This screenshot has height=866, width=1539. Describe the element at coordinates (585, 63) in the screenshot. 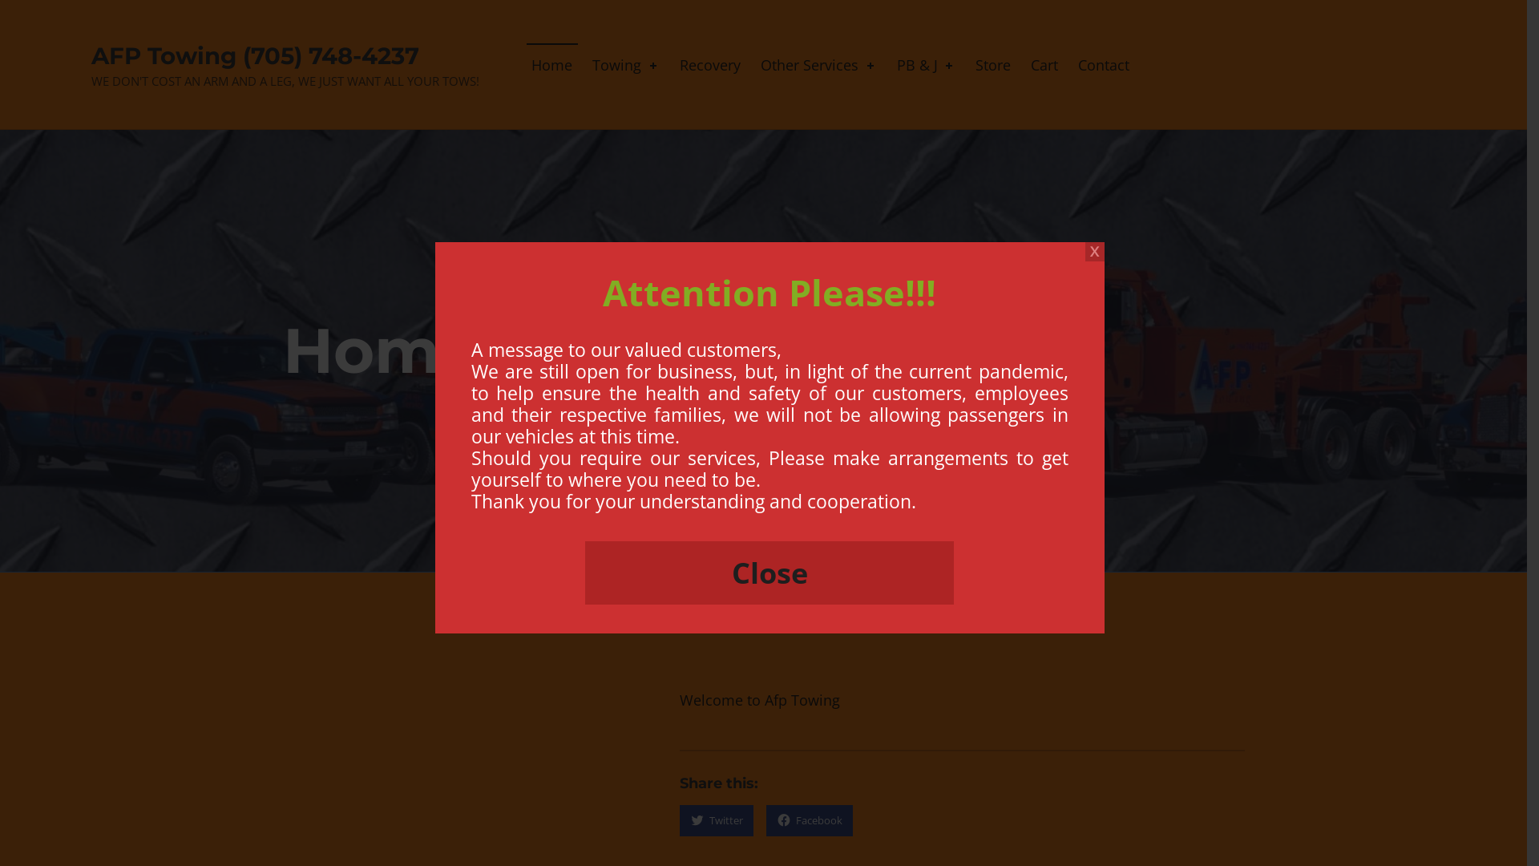

I see `'Towing'` at that location.